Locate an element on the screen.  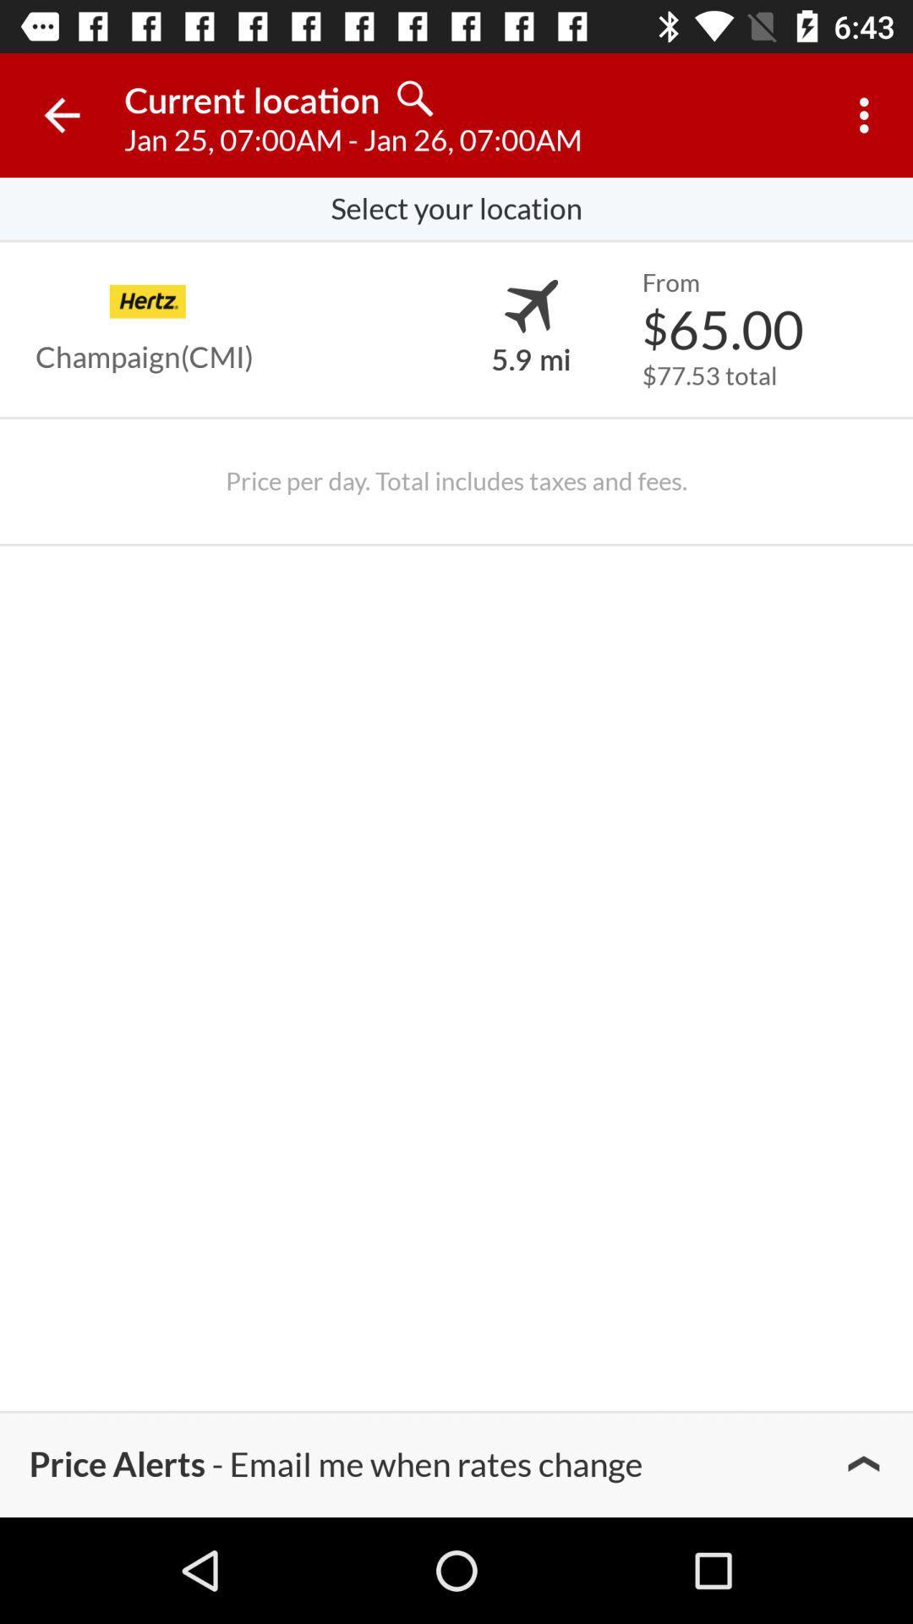
the item above select your location is located at coordinates (868, 114).